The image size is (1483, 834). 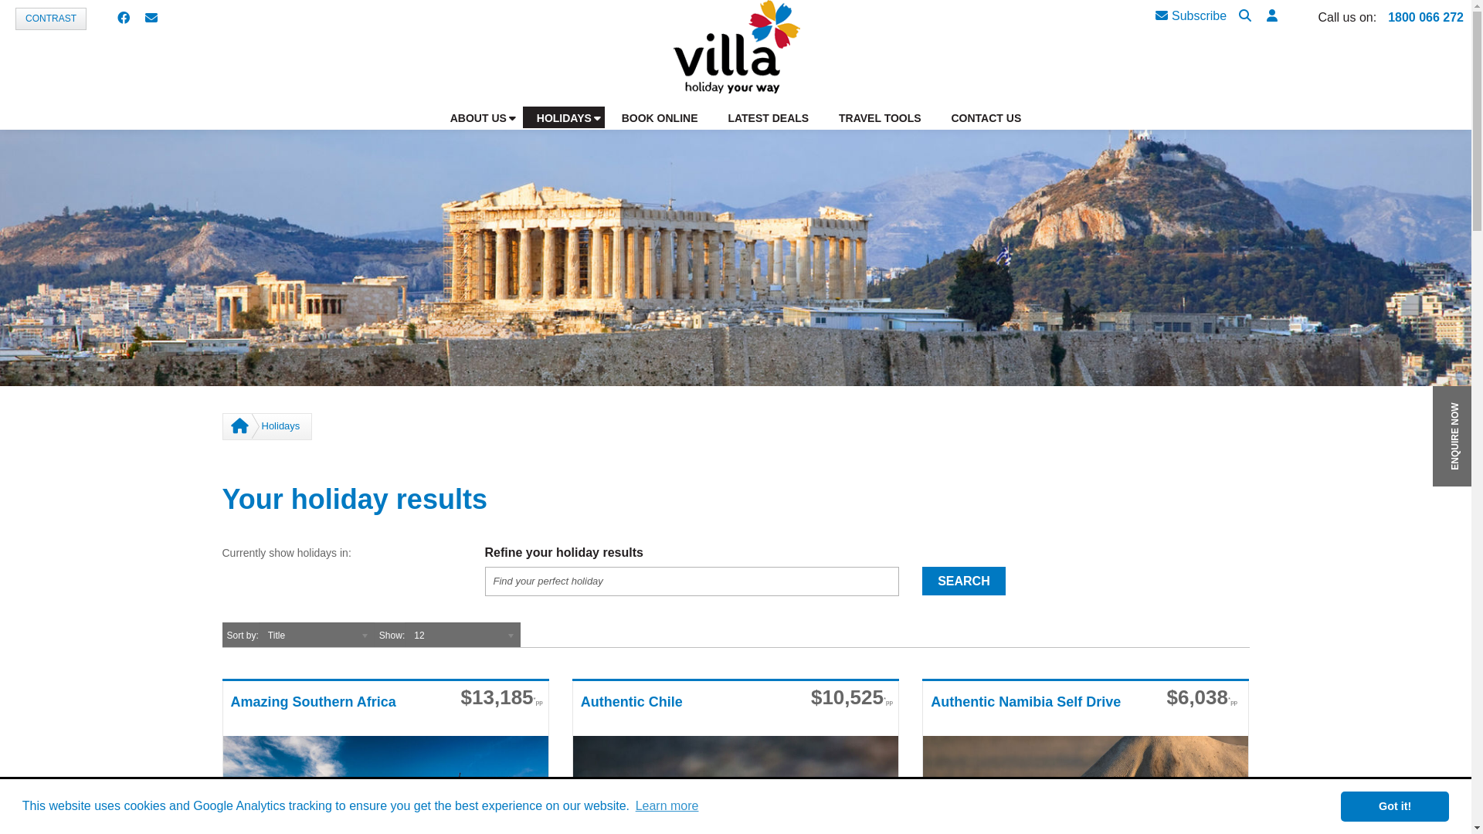 What do you see at coordinates (660, 116) in the screenshot?
I see `'BOOK ONLINE'` at bounding box center [660, 116].